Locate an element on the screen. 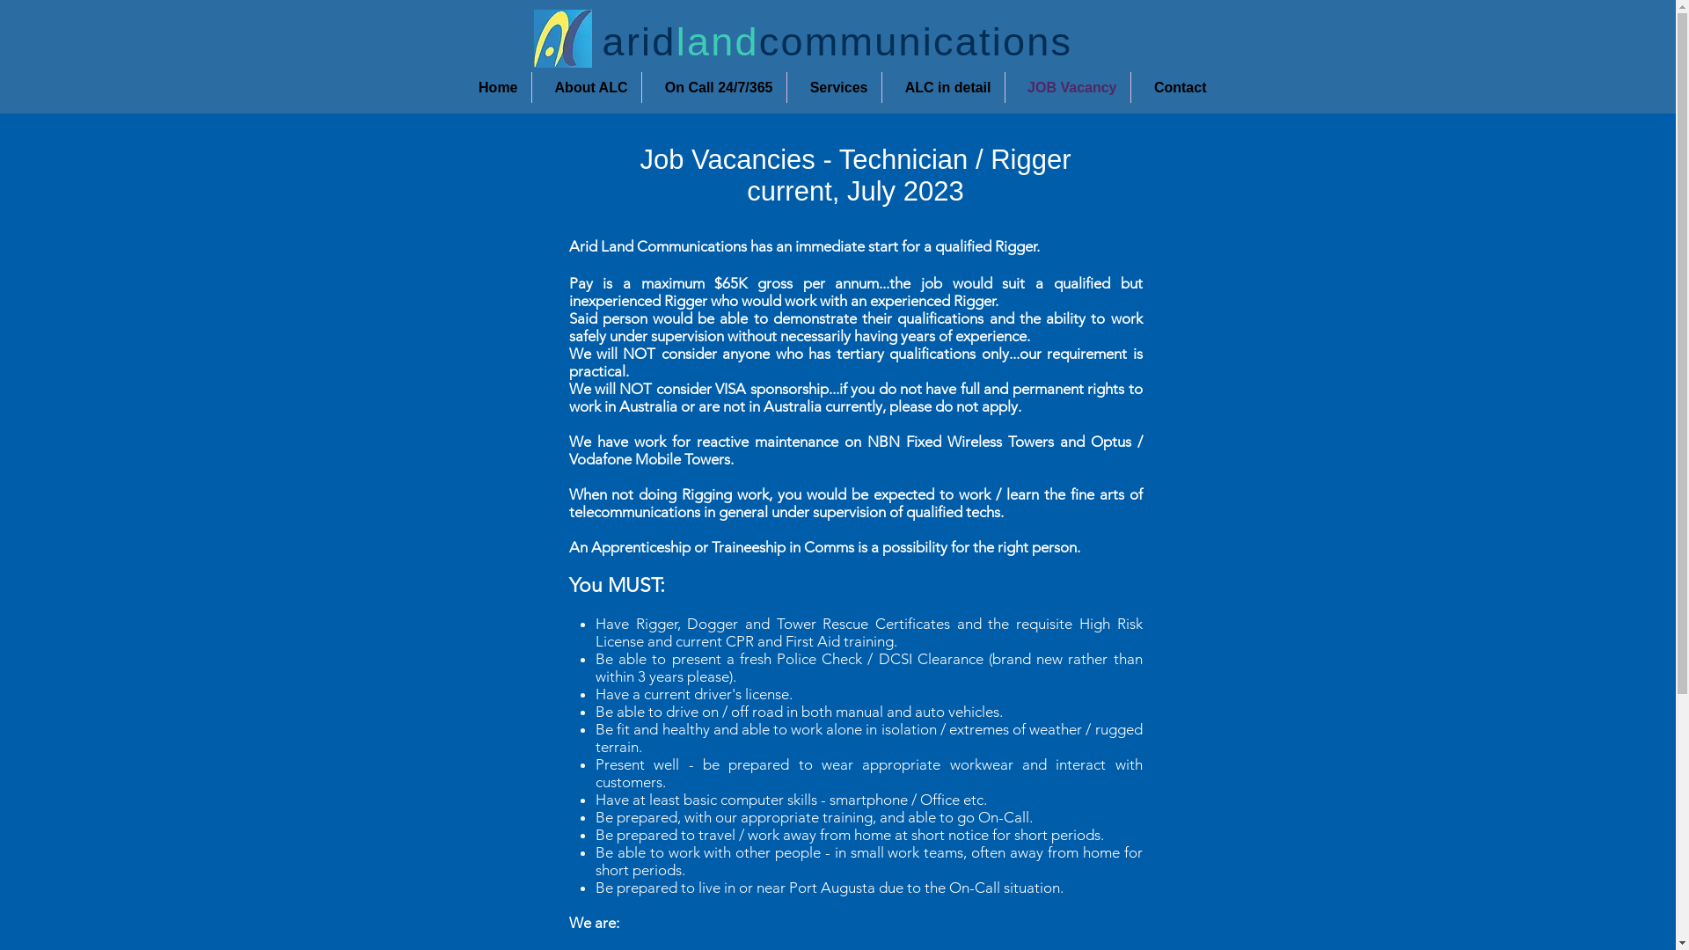 The height and width of the screenshot is (950, 1689). 'About ALC' is located at coordinates (586, 87).